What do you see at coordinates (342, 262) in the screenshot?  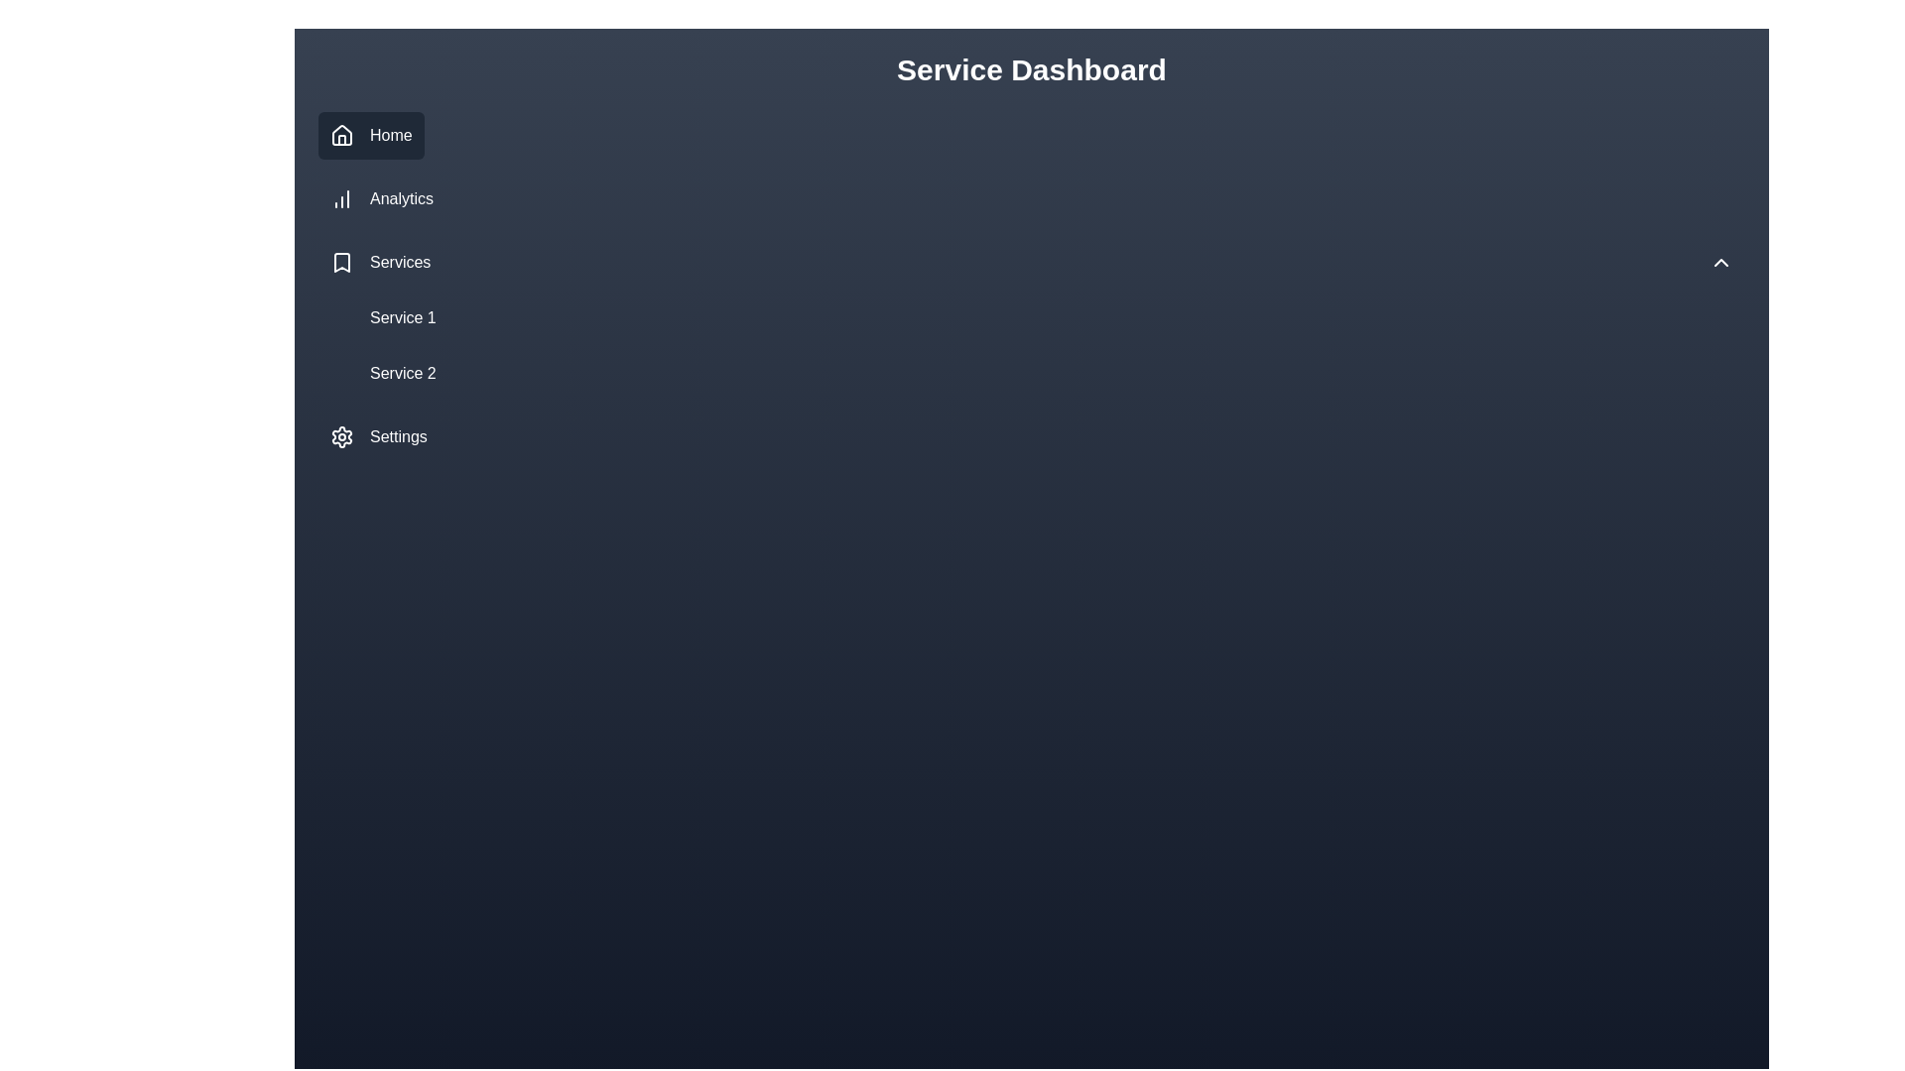 I see `the bookmark icon located to the left of the 'Services' text label in the vertical navigation menu` at bounding box center [342, 262].